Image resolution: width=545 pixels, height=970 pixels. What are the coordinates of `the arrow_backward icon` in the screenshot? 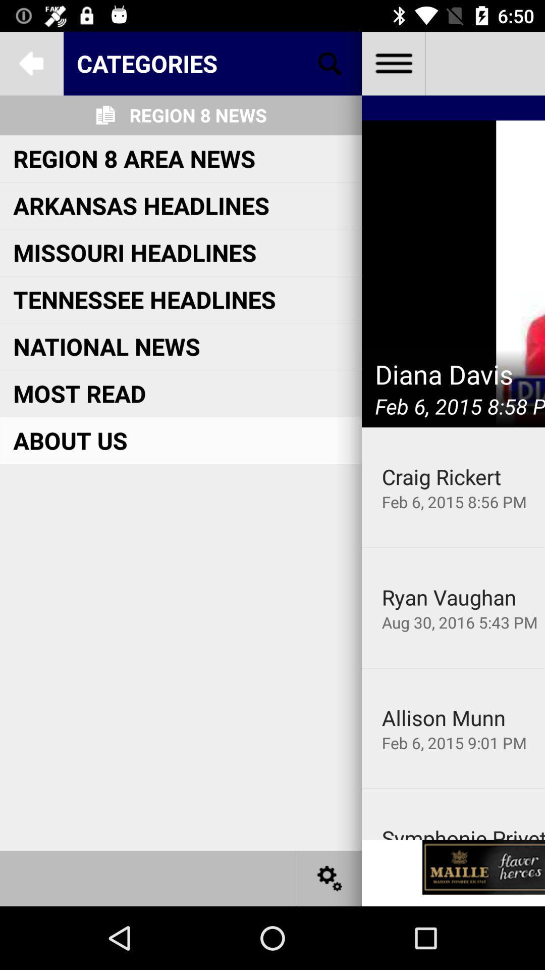 It's located at (31, 63).